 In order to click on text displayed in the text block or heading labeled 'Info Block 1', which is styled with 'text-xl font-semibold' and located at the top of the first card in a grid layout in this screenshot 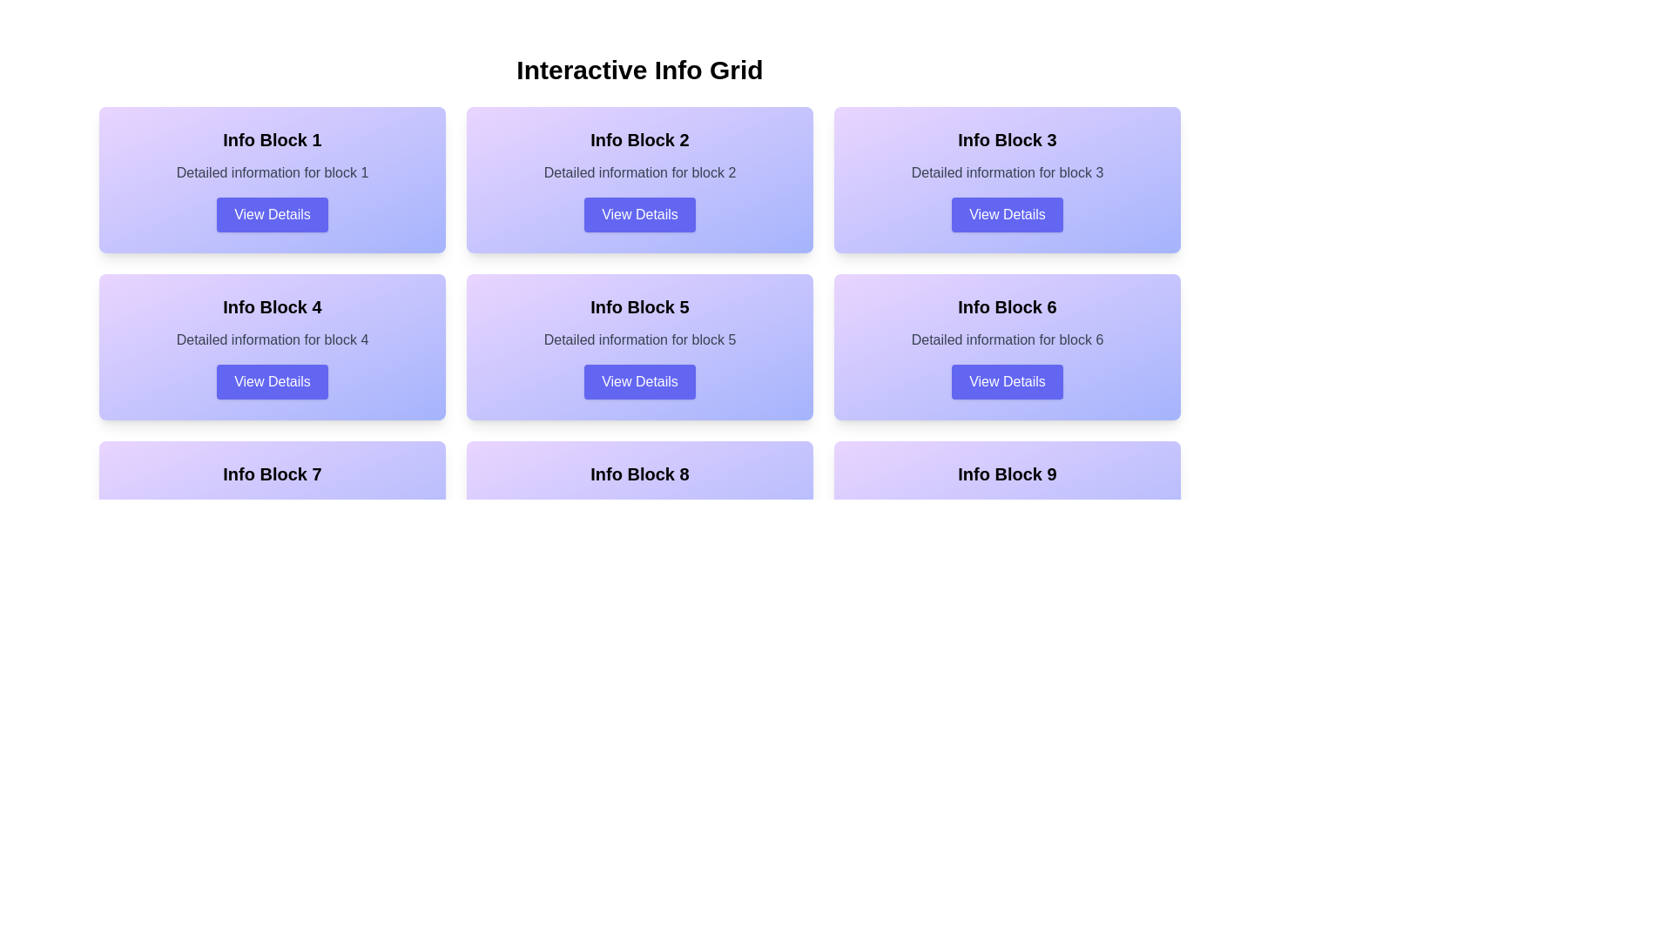, I will do `click(271, 139)`.